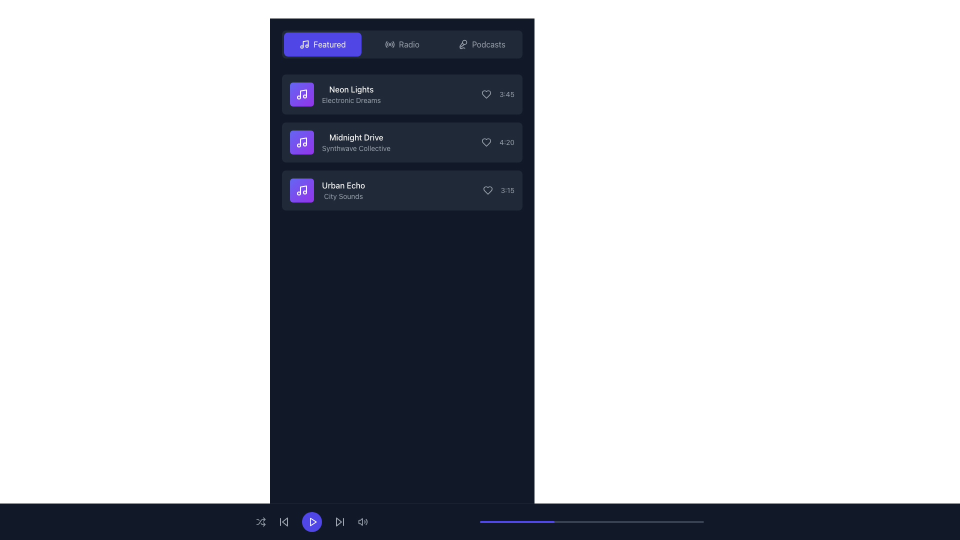 The width and height of the screenshot is (960, 540). What do you see at coordinates (322, 43) in the screenshot?
I see `the 'Featured' button, which is the leftmost button in a horizontal list at the top-left of the panel` at bounding box center [322, 43].